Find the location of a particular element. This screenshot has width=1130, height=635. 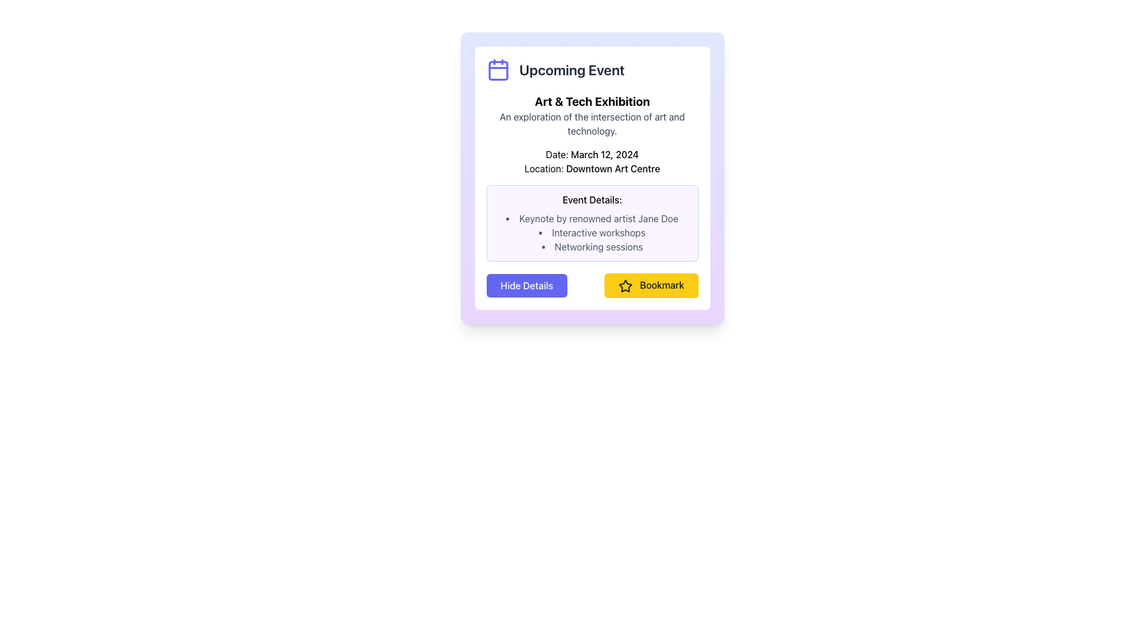

descriptive text that provides an overview of the 'Art & Tech Exhibition', located centrally below the header text in the card interface is located at coordinates (592, 124).